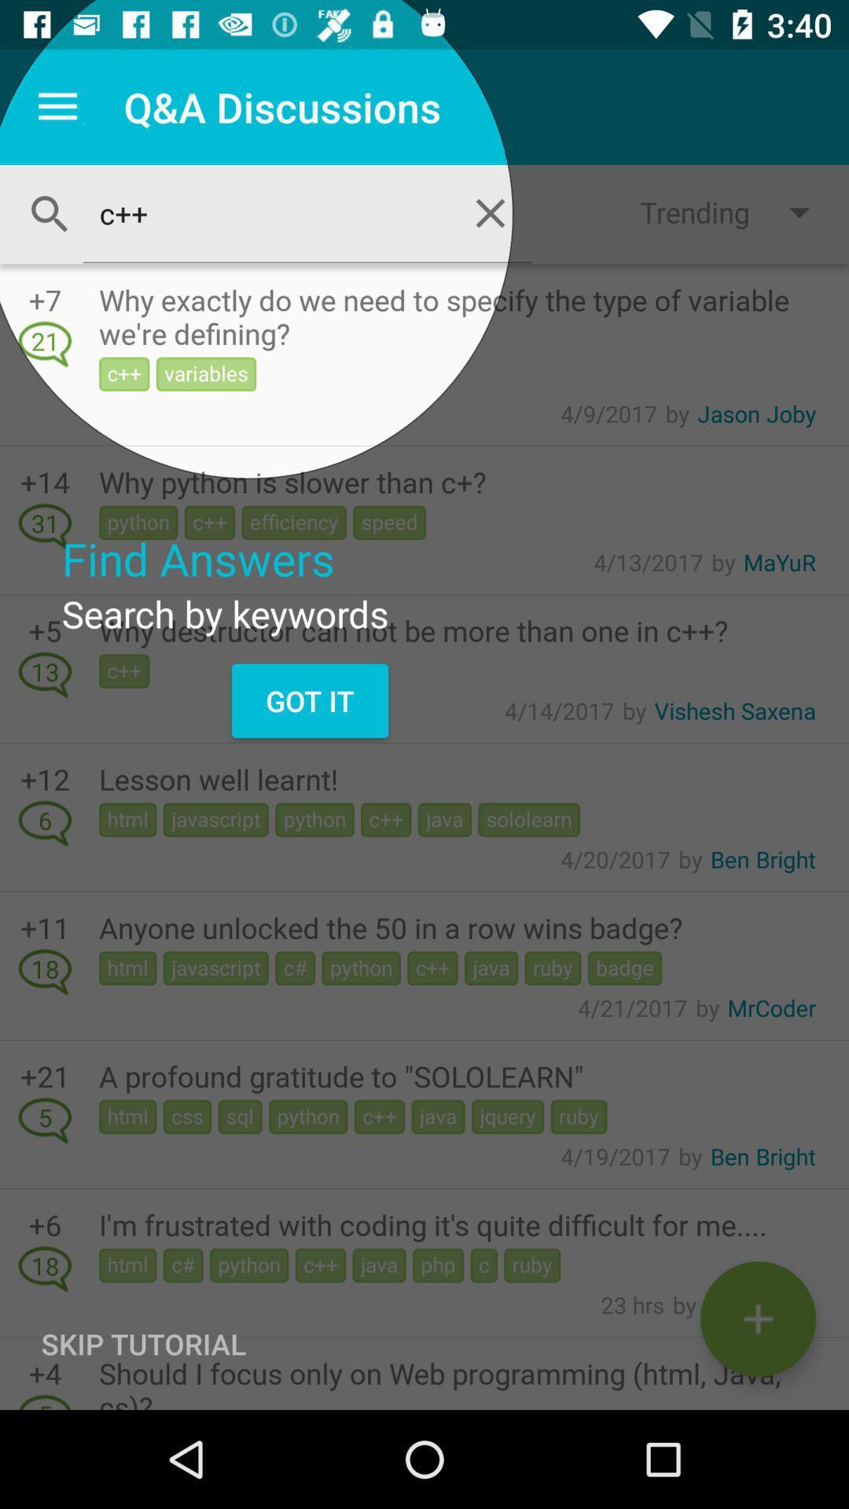 The width and height of the screenshot is (849, 1509). I want to click on compose an email, so click(757, 1319).